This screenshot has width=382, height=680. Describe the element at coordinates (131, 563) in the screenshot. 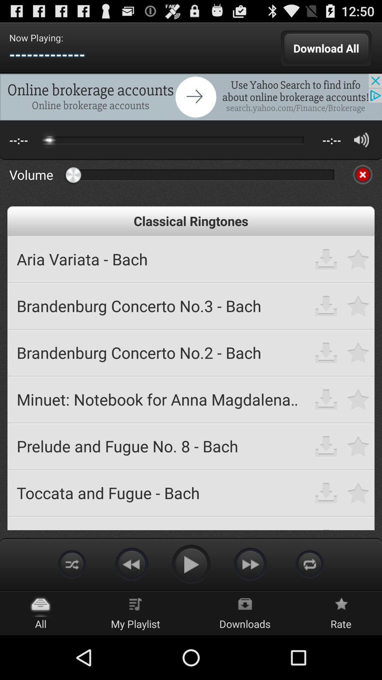

I see `rewind to last track` at that location.